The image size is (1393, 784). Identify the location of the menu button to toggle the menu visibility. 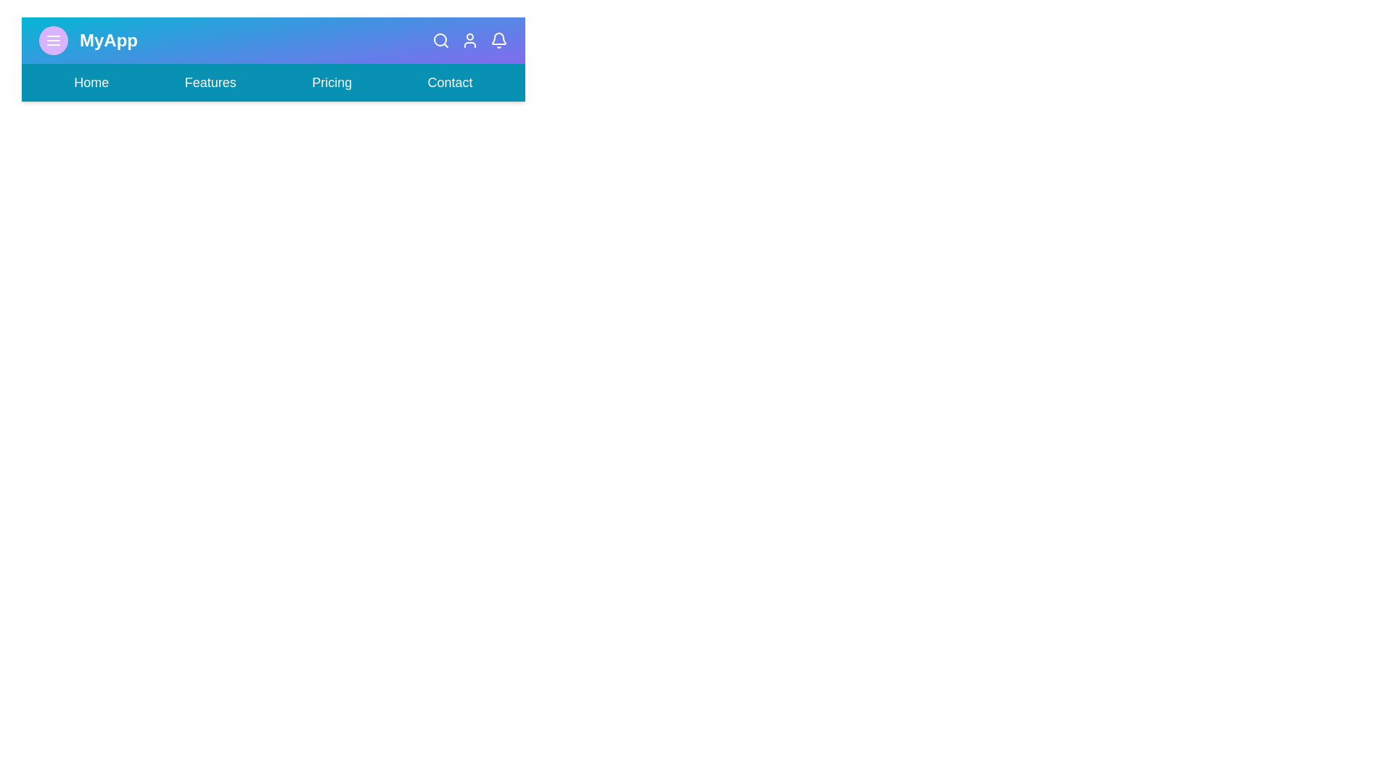
(53, 40).